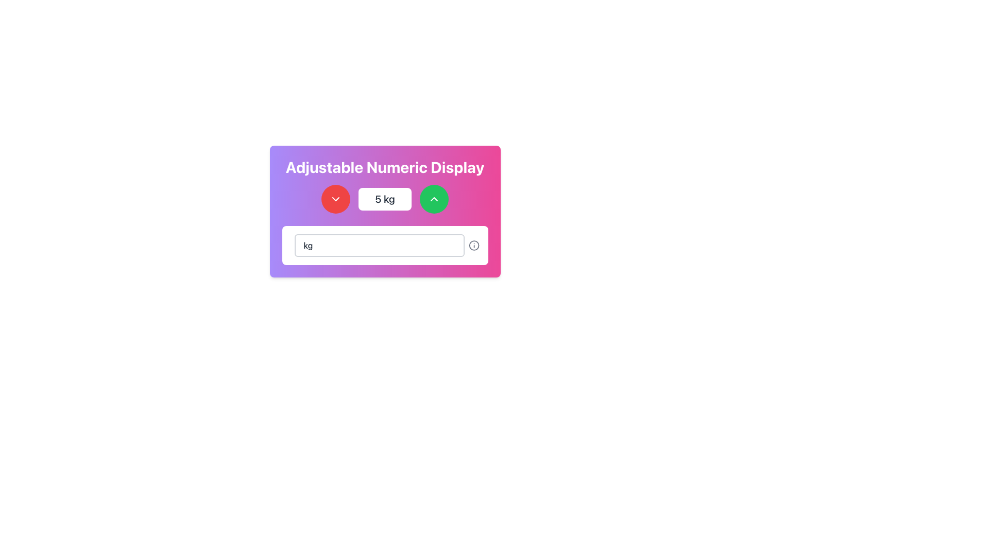 This screenshot has height=556, width=989. Describe the element at coordinates (384, 166) in the screenshot. I see `the Text Label that serves as a title or header for the interface, positioned at the top center above the numeric display interface` at that location.